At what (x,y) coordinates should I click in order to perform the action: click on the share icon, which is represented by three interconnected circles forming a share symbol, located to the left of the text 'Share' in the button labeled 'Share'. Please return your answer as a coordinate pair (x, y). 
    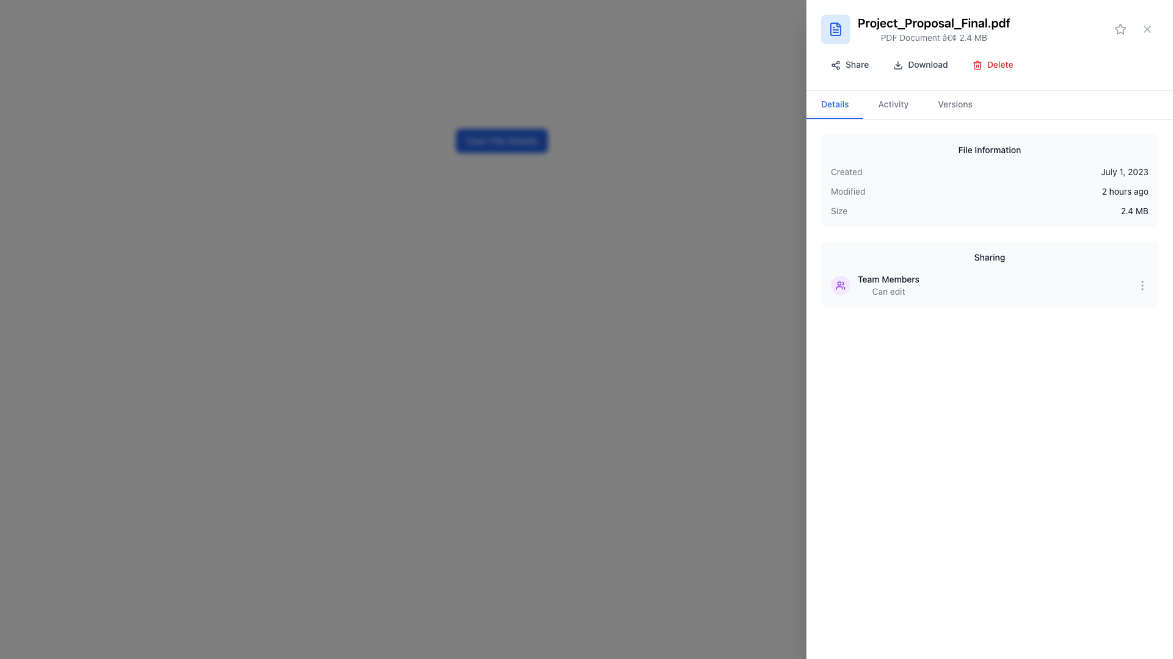
    Looking at the image, I should click on (835, 65).